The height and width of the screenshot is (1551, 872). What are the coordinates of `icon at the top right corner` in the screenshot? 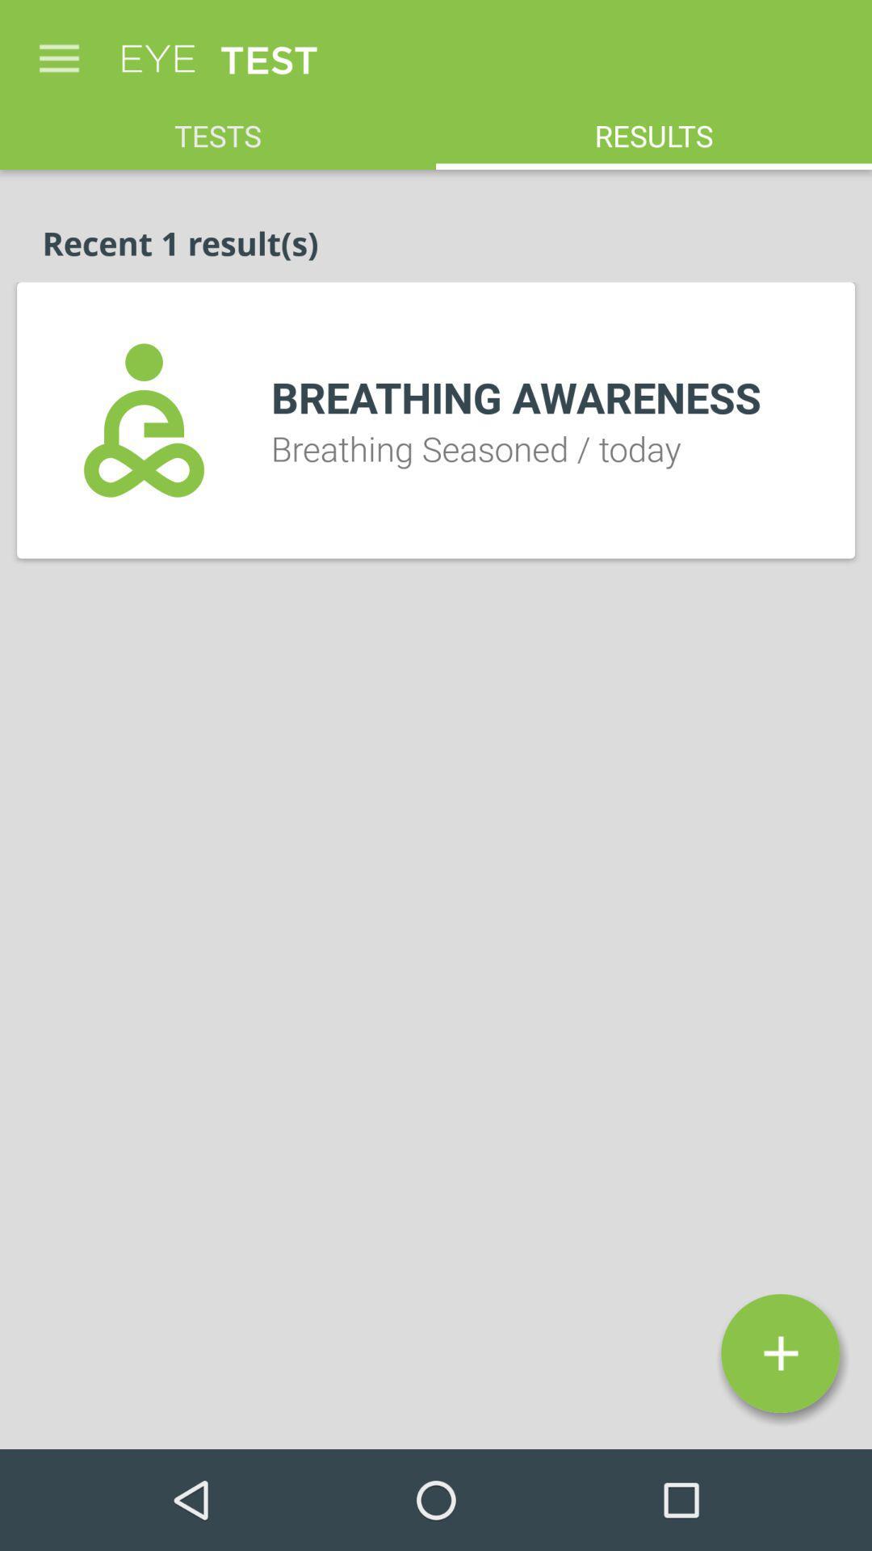 It's located at (654, 126).